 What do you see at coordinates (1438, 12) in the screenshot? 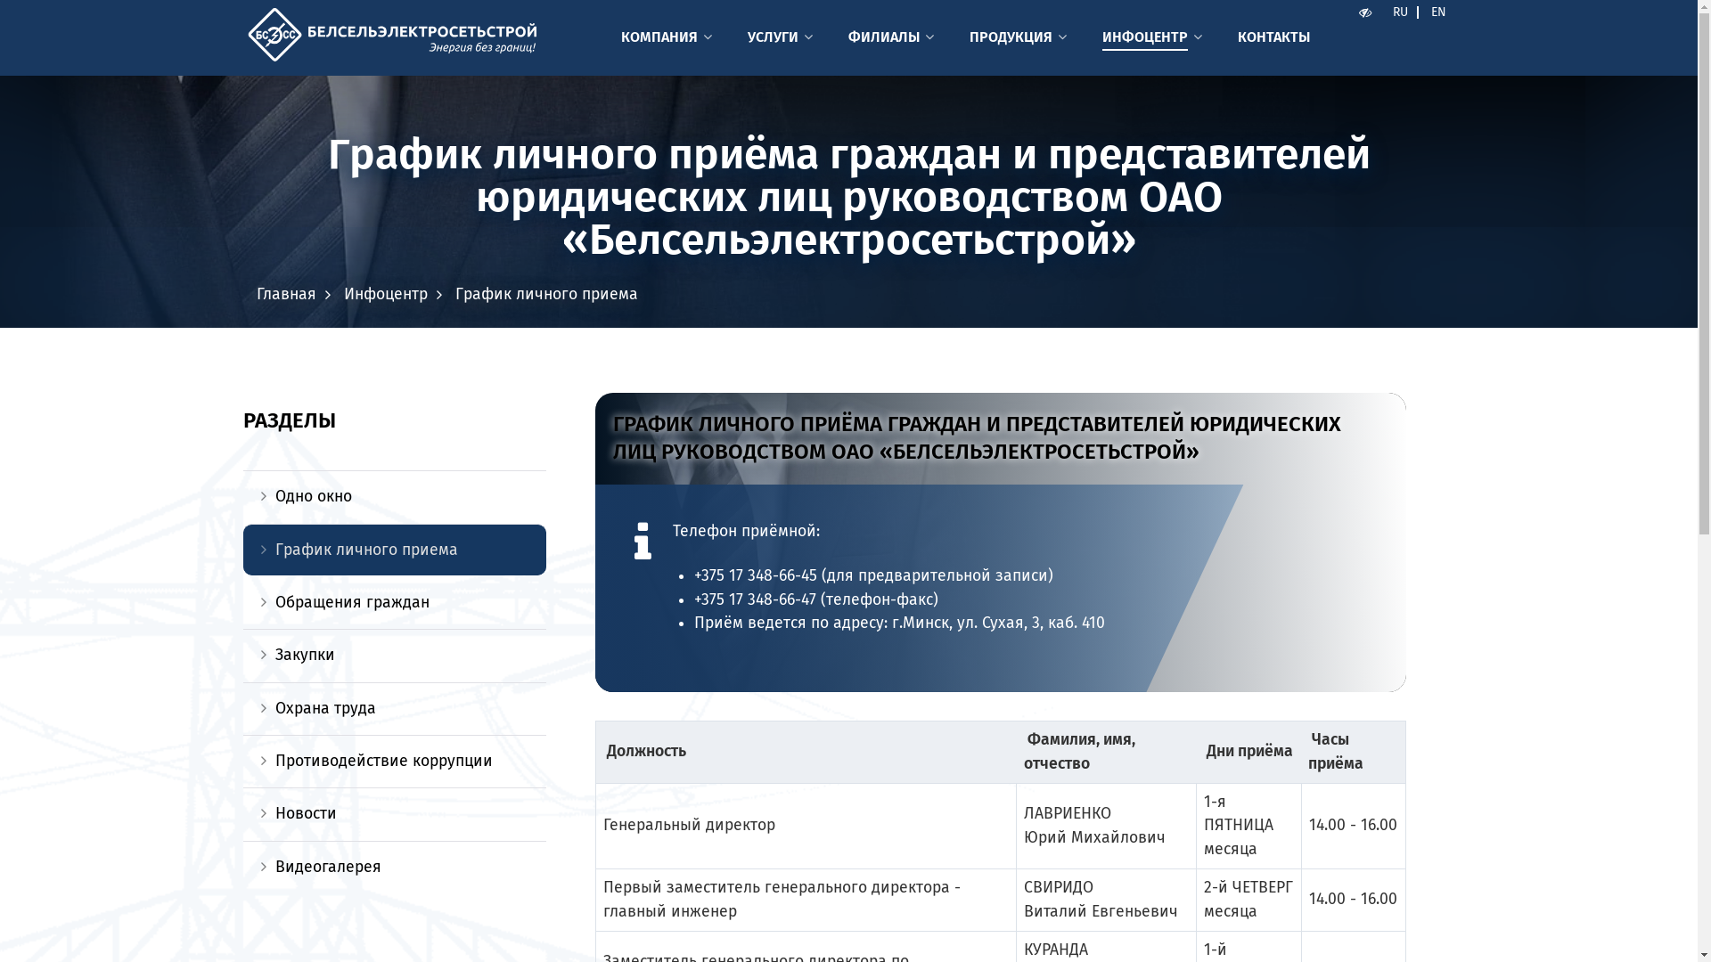
I see `'EN'` at bounding box center [1438, 12].